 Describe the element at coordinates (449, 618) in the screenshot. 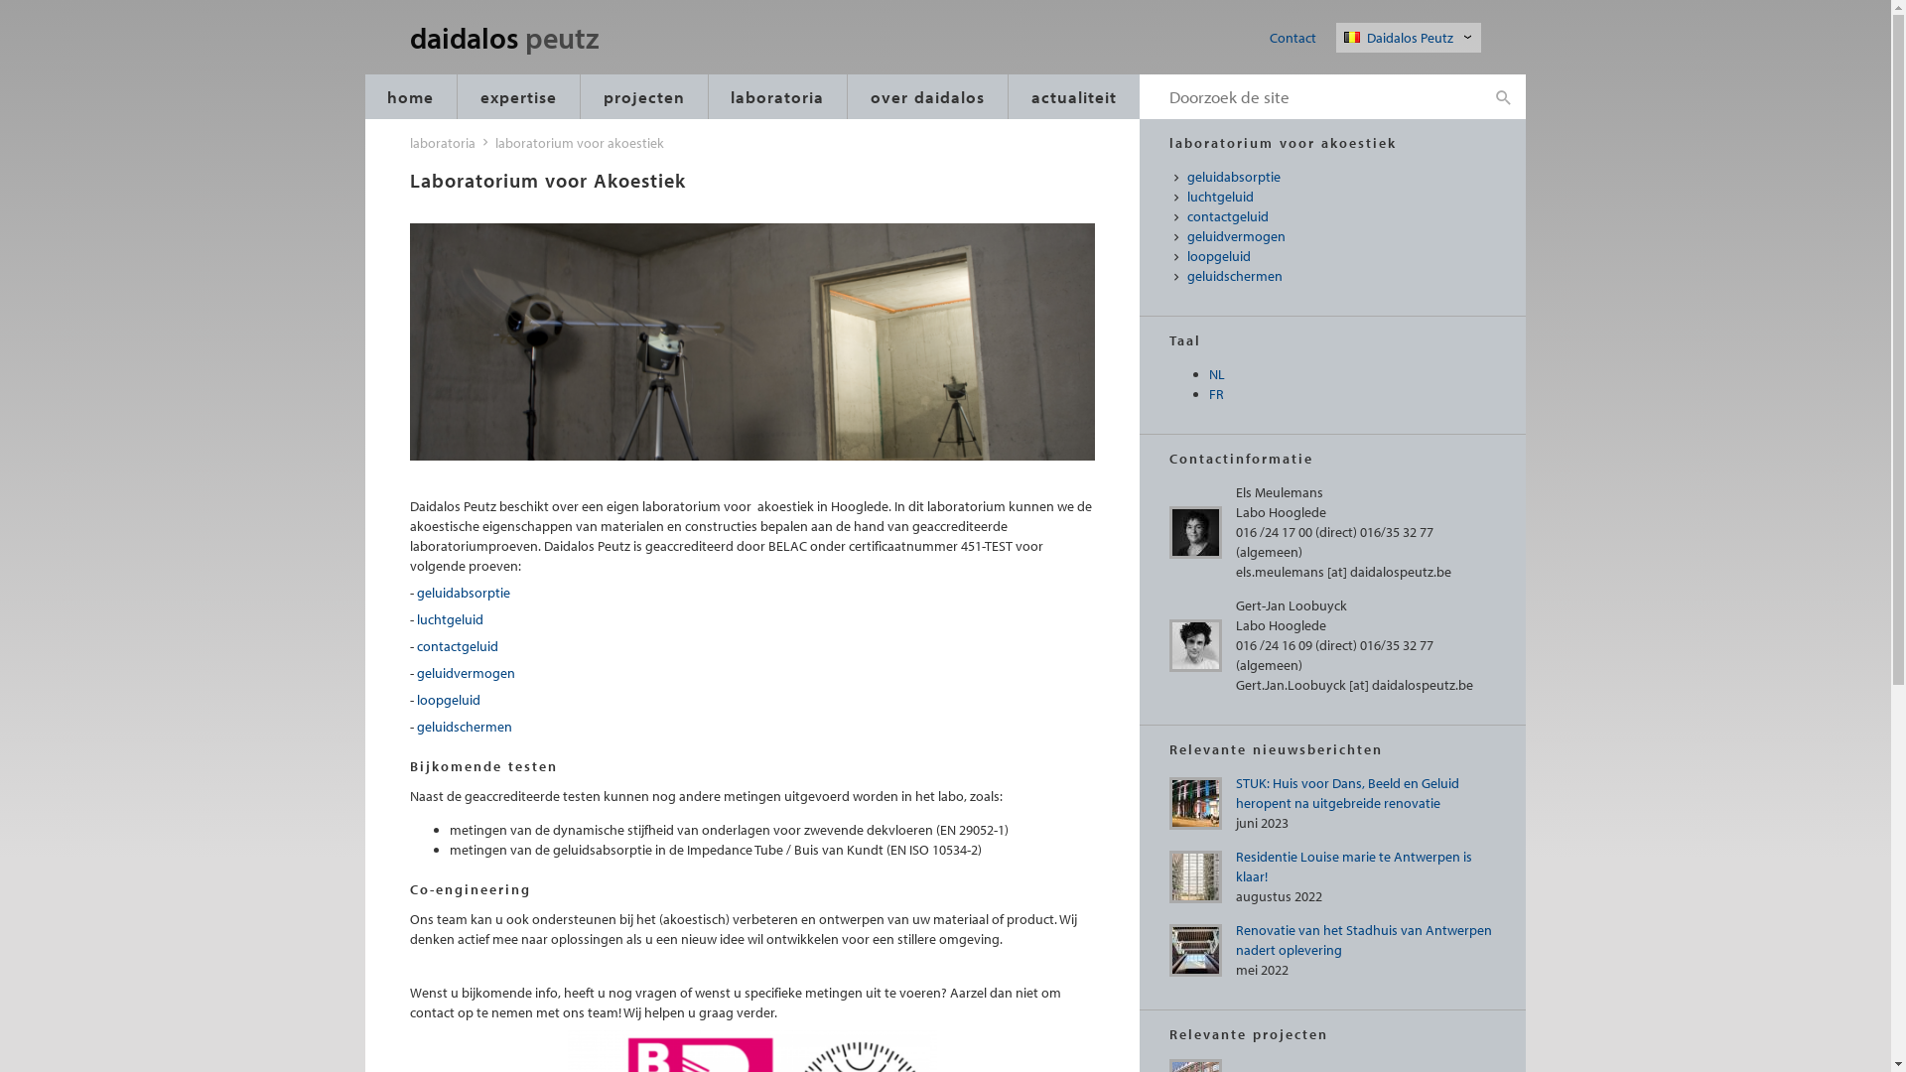

I see `'luchtgeluid'` at that location.